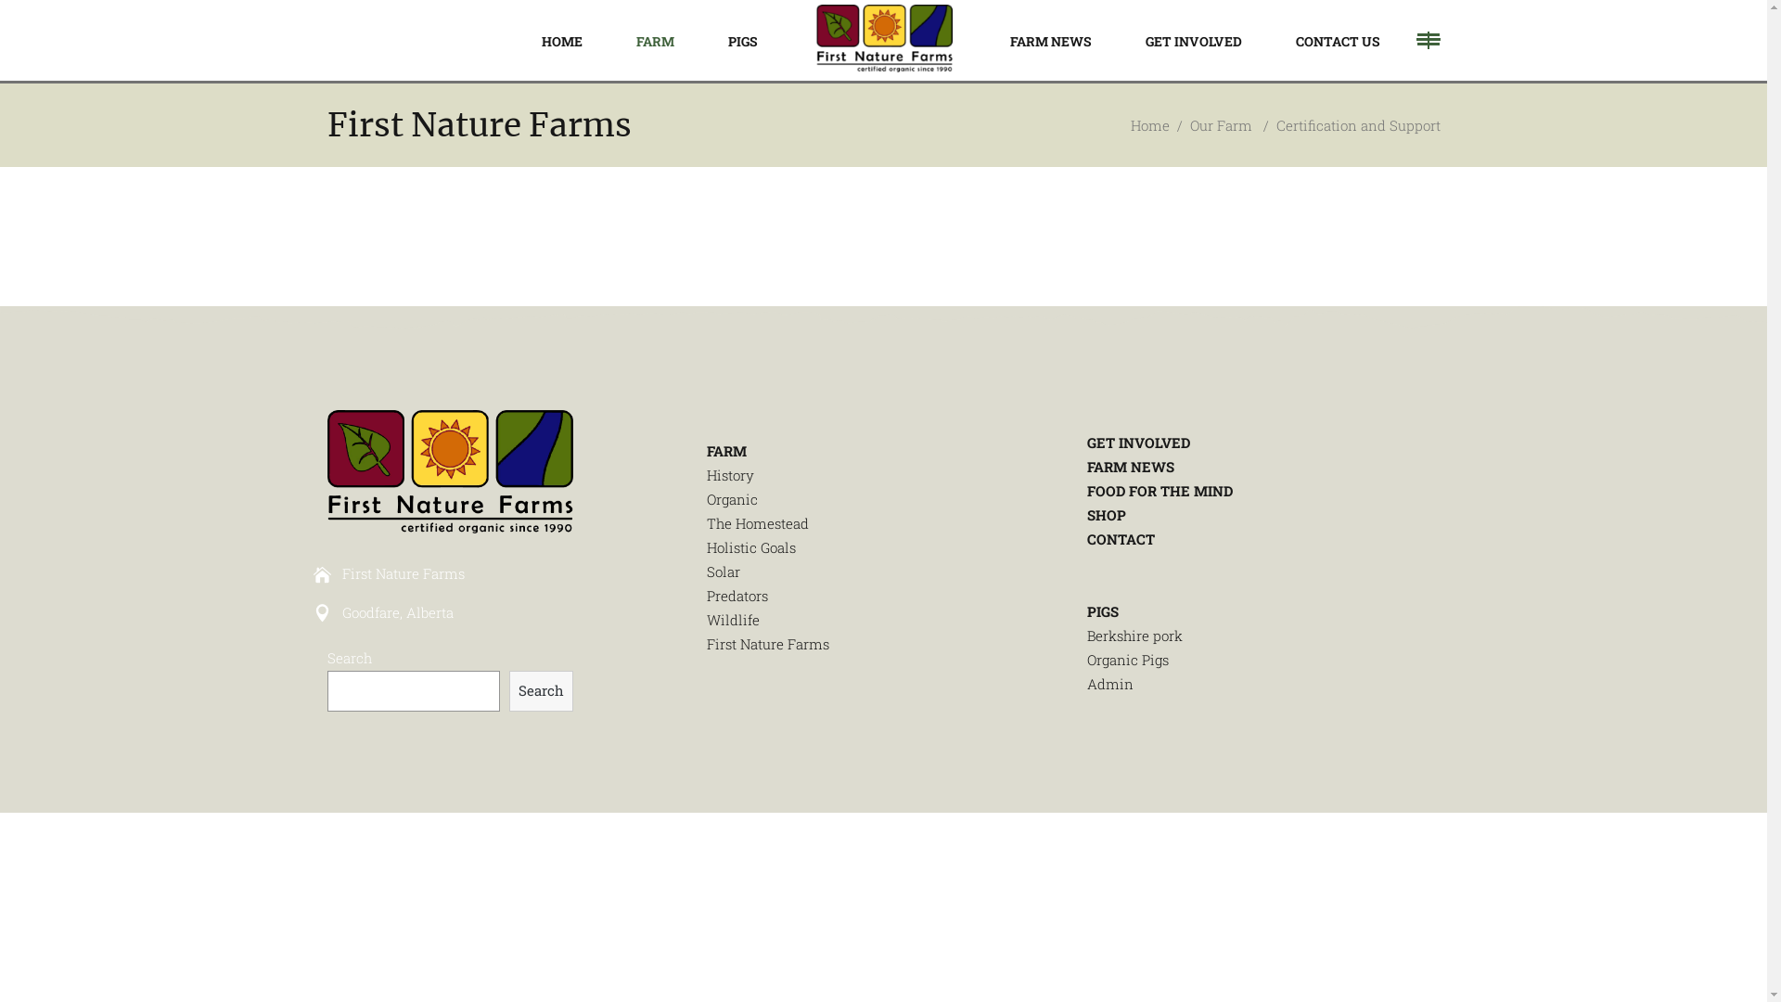  I want to click on 'GET INVOLVED', so click(1193, 40).